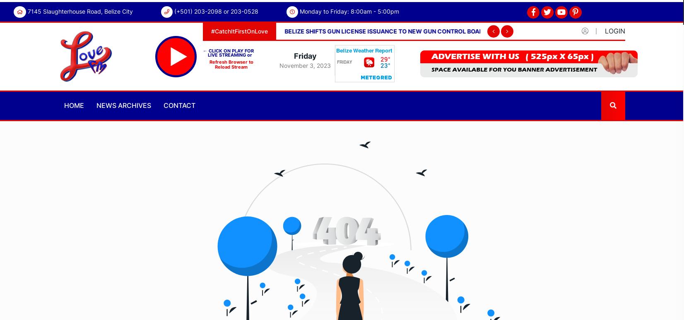  I want to click on 'LOGIN', so click(615, 30).